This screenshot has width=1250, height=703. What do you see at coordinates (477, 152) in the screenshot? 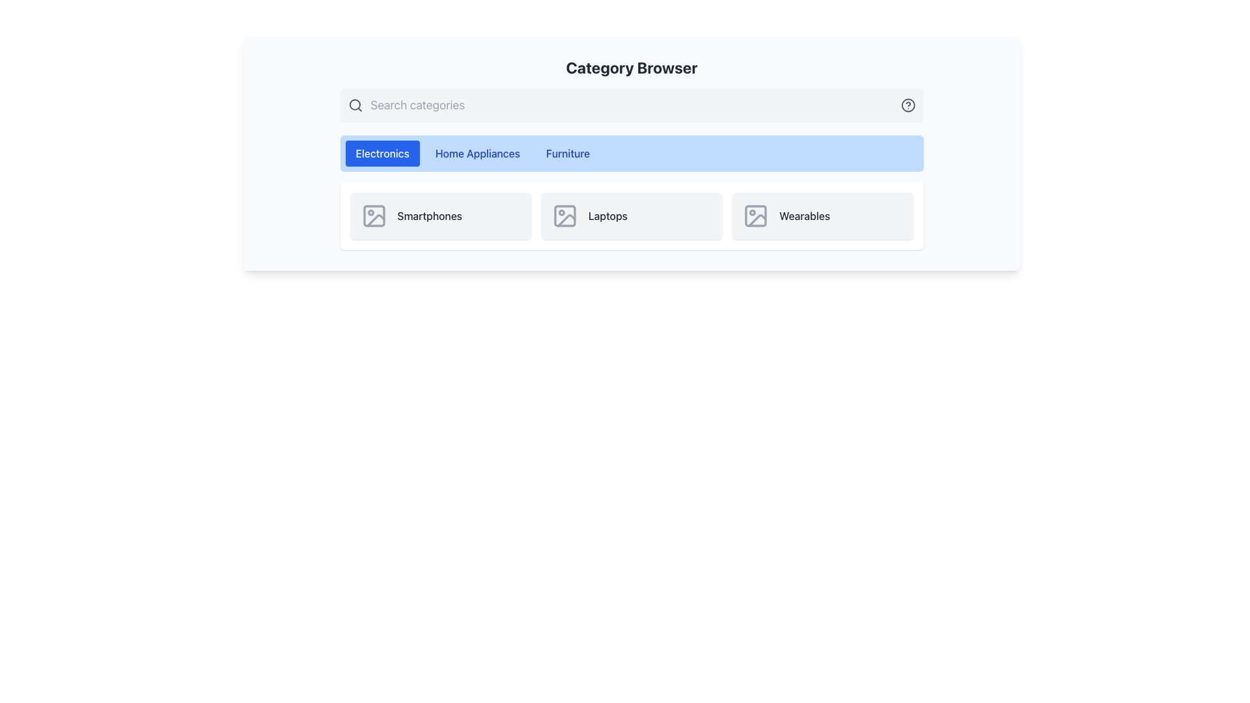
I see `the 'Home Appliances' tab button located in the second position of the horizontal tab bar, which is between 'Electronics' and 'Furniture'` at bounding box center [477, 152].